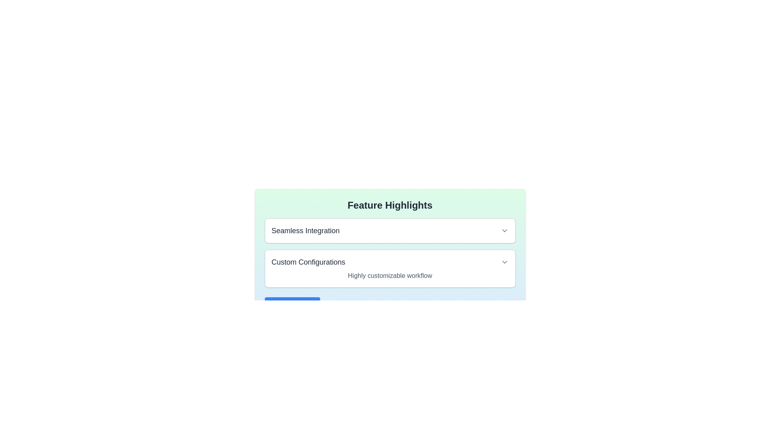 The width and height of the screenshot is (774, 435). I want to click on the Static text header that identifies the theme of the content below, which highlights features such as 'Seamless Integration' and 'Custom Configurations', so click(390, 205).